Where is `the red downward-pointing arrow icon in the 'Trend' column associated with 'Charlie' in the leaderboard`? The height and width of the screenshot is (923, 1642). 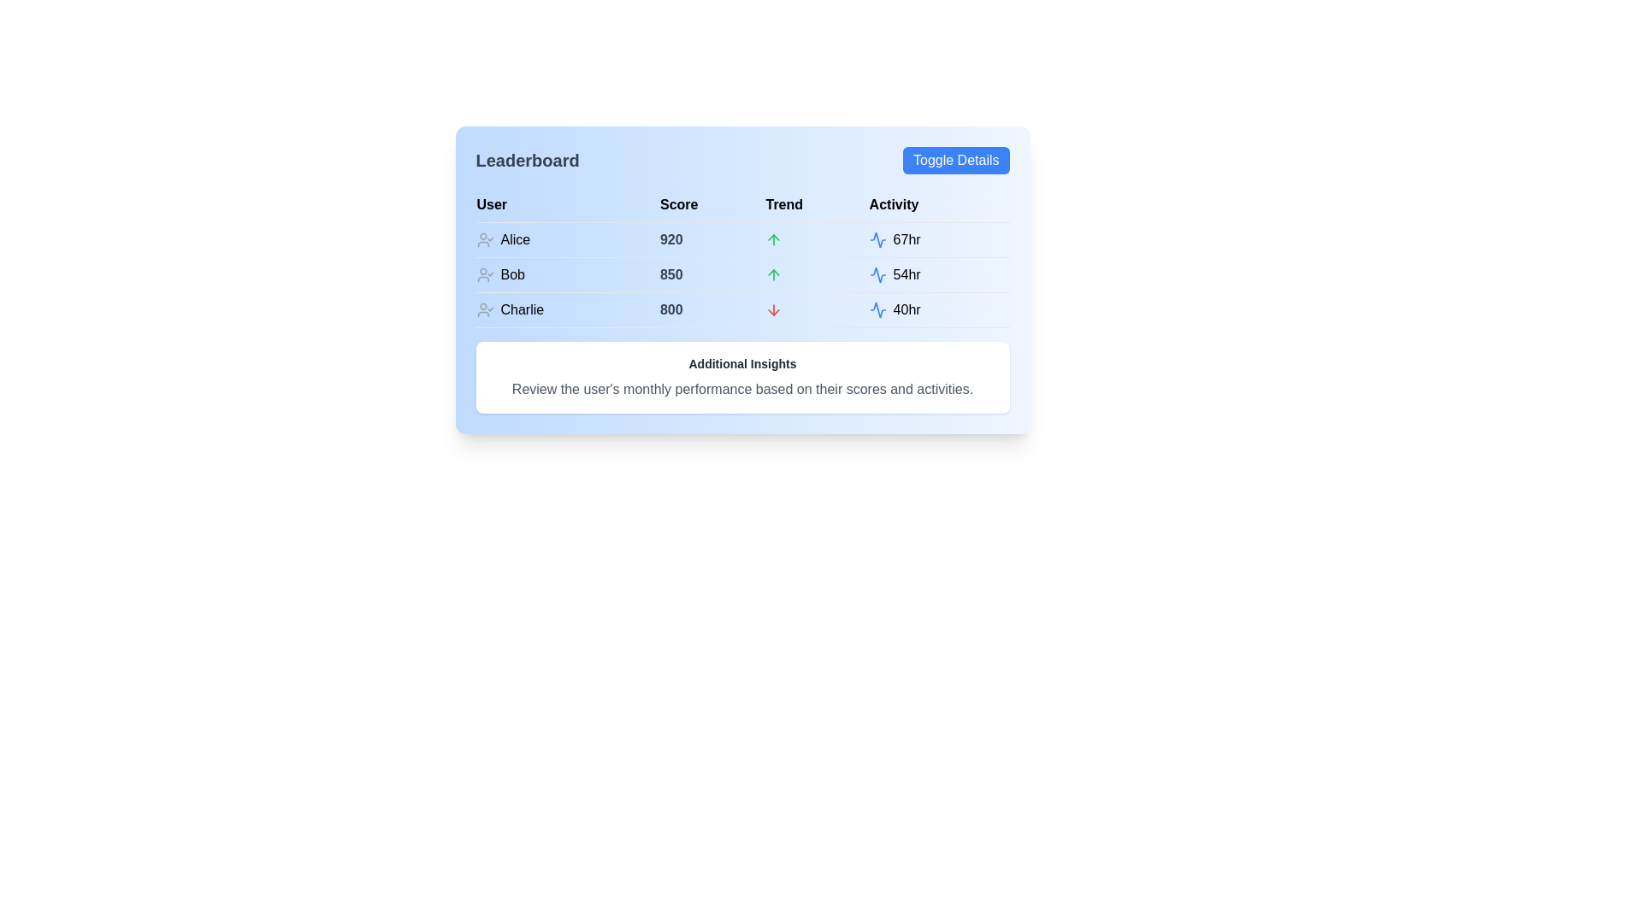
the red downward-pointing arrow icon in the 'Trend' column associated with 'Charlie' in the leaderboard is located at coordinates (773, 309).